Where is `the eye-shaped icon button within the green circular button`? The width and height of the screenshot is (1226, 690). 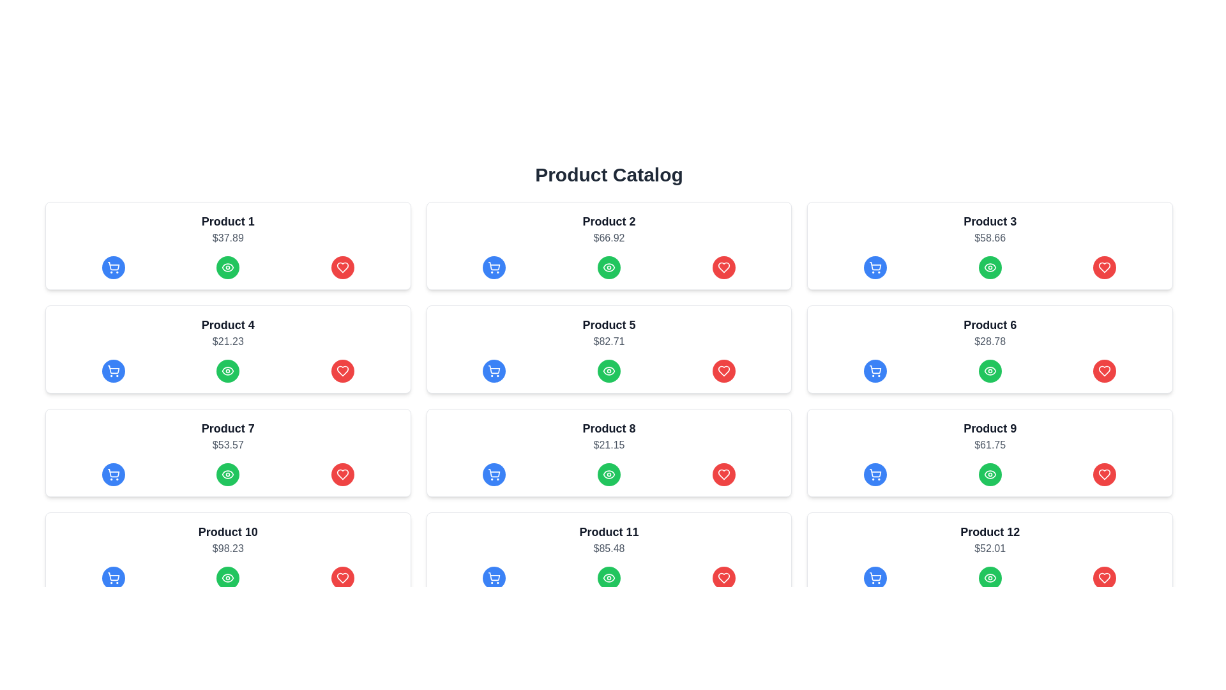
the eye-shaped icon button within the green circular button is located at coordinates (989, 371).